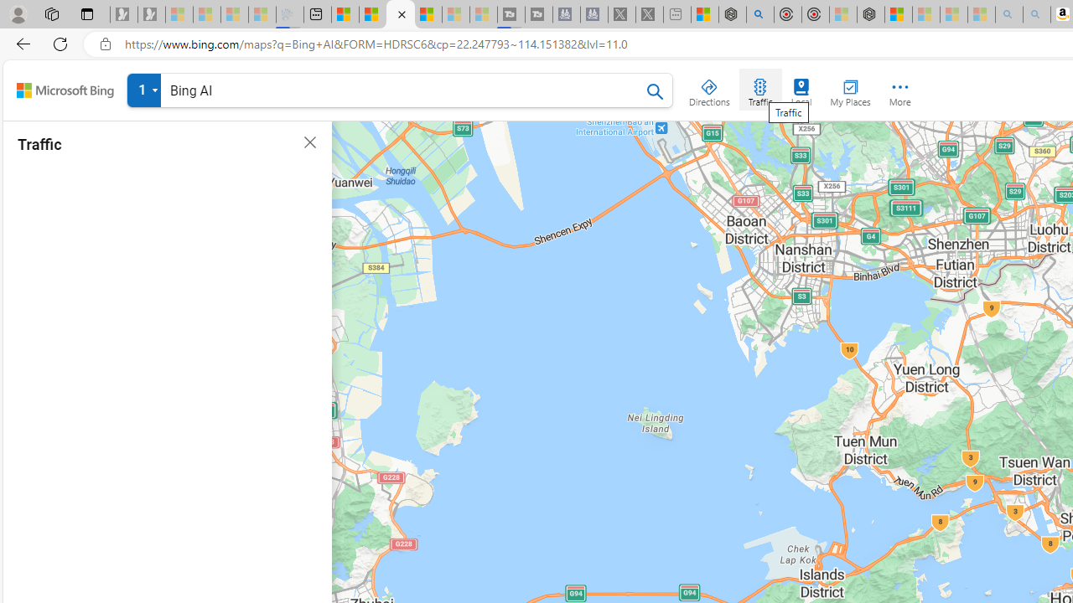 This screenshot has height=603, width=1073. I want to click on 'poe - Search', so click(759, 14).